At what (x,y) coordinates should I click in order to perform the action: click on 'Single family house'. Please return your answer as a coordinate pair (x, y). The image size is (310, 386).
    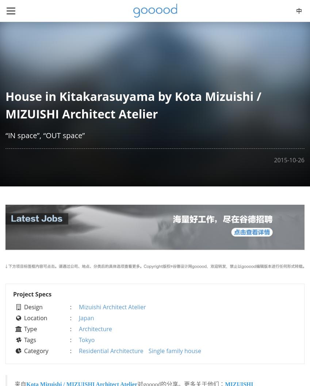
    Looking at the image, I should click on (174, 350).